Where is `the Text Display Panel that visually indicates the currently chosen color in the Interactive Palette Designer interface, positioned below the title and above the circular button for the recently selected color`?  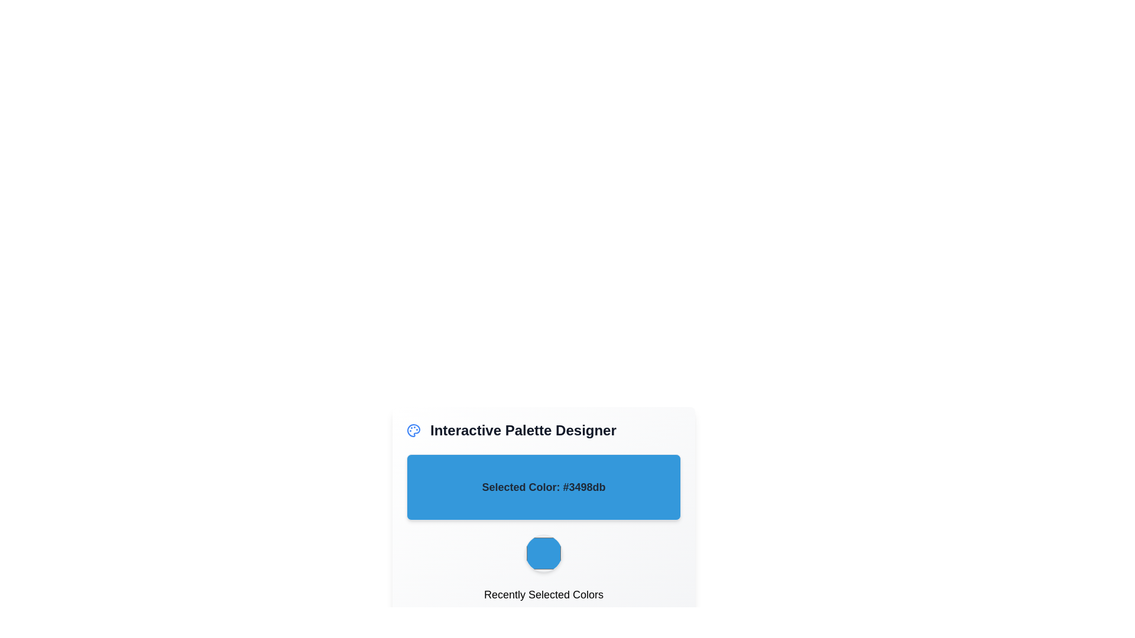
the Text Display Panel that visually indicates the currently chosen color in the Interactive Palette Designer interface, positioned below the title and above the circular button for the recently selected color is located at coordinates (543, 487).